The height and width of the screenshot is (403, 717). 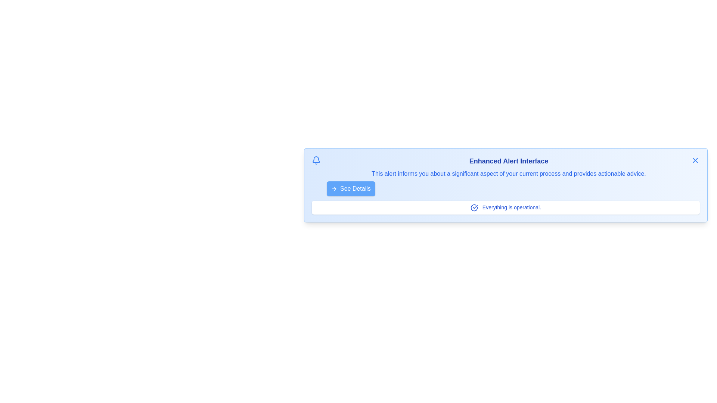 I want to click on 'See Details' button to view additional information, so click(x=350, y=188).